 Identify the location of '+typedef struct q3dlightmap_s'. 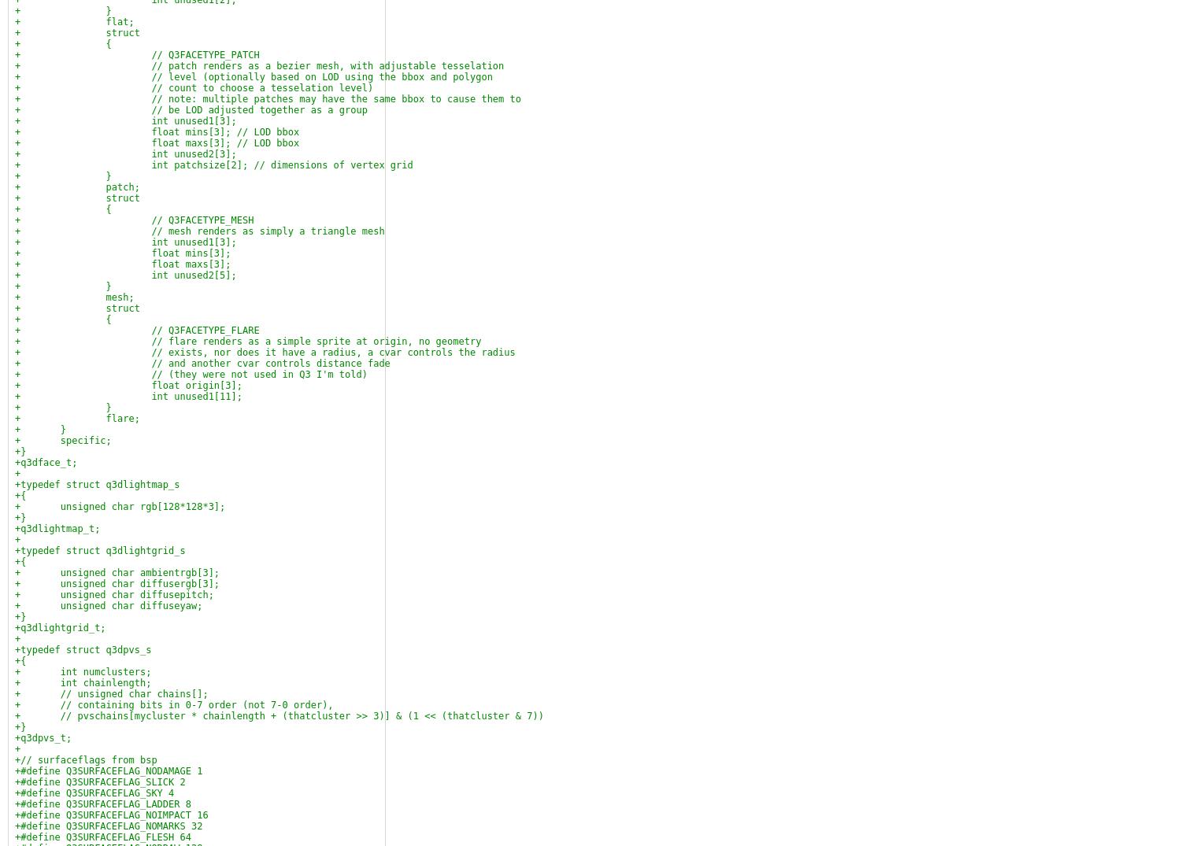
(96, 483).